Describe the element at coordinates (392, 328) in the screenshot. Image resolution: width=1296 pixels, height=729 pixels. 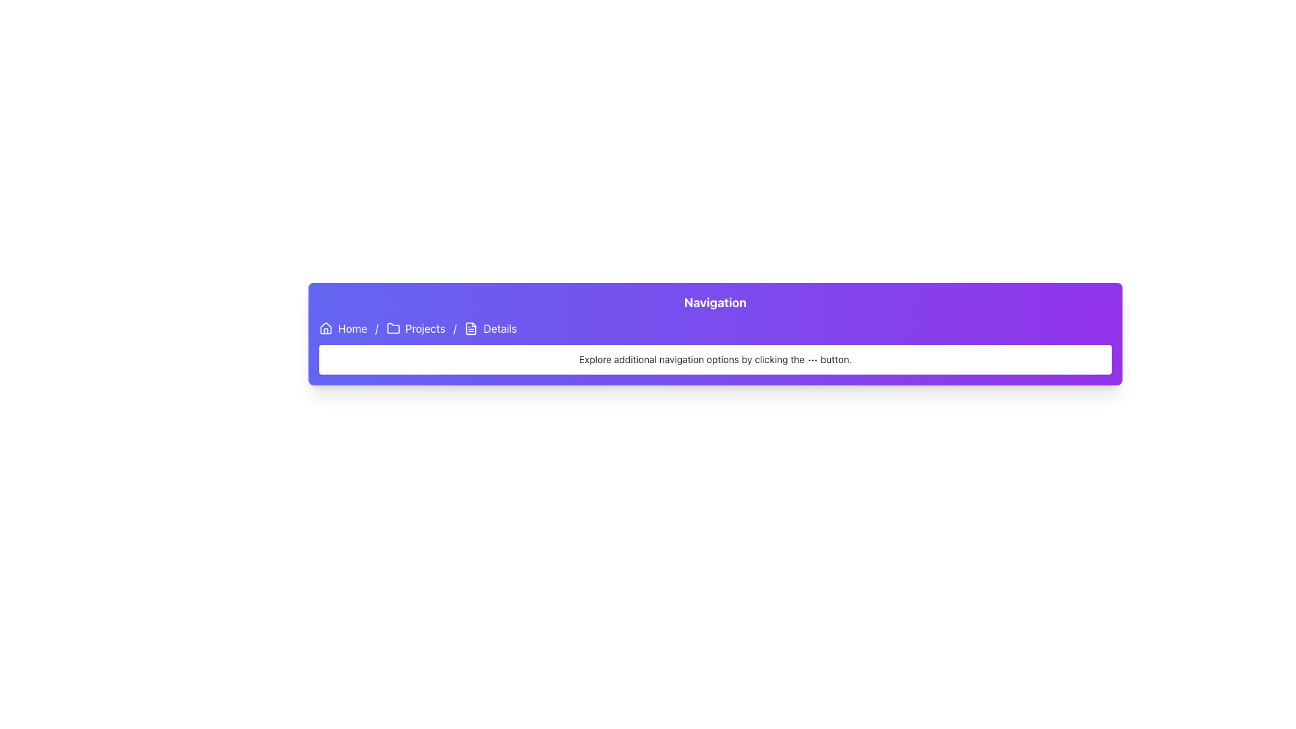
I see `the folder icon in the breadcrumb navigation bar, which represents the 'projects' section, located between the 'home' and 'details' icons` at that location.